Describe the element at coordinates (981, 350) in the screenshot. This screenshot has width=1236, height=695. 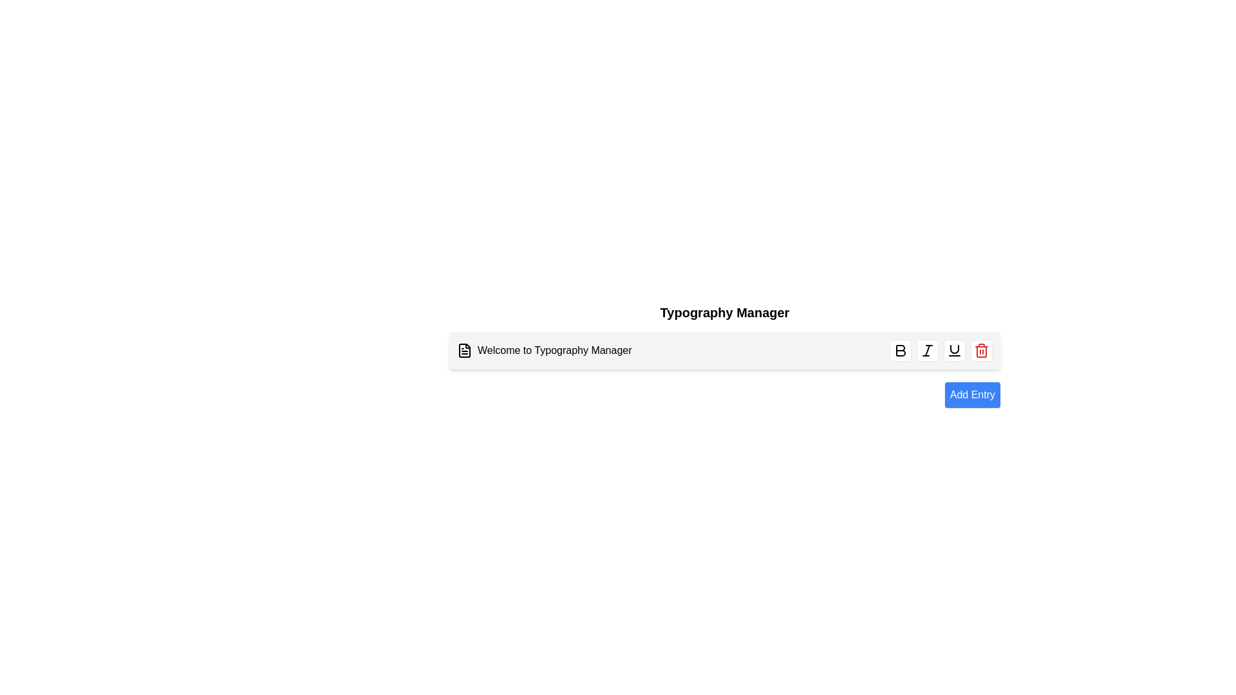
I see `the Trash Icon, which is a small trash bin icon with a red border and white background located to the far right of the toolbar` at that location.